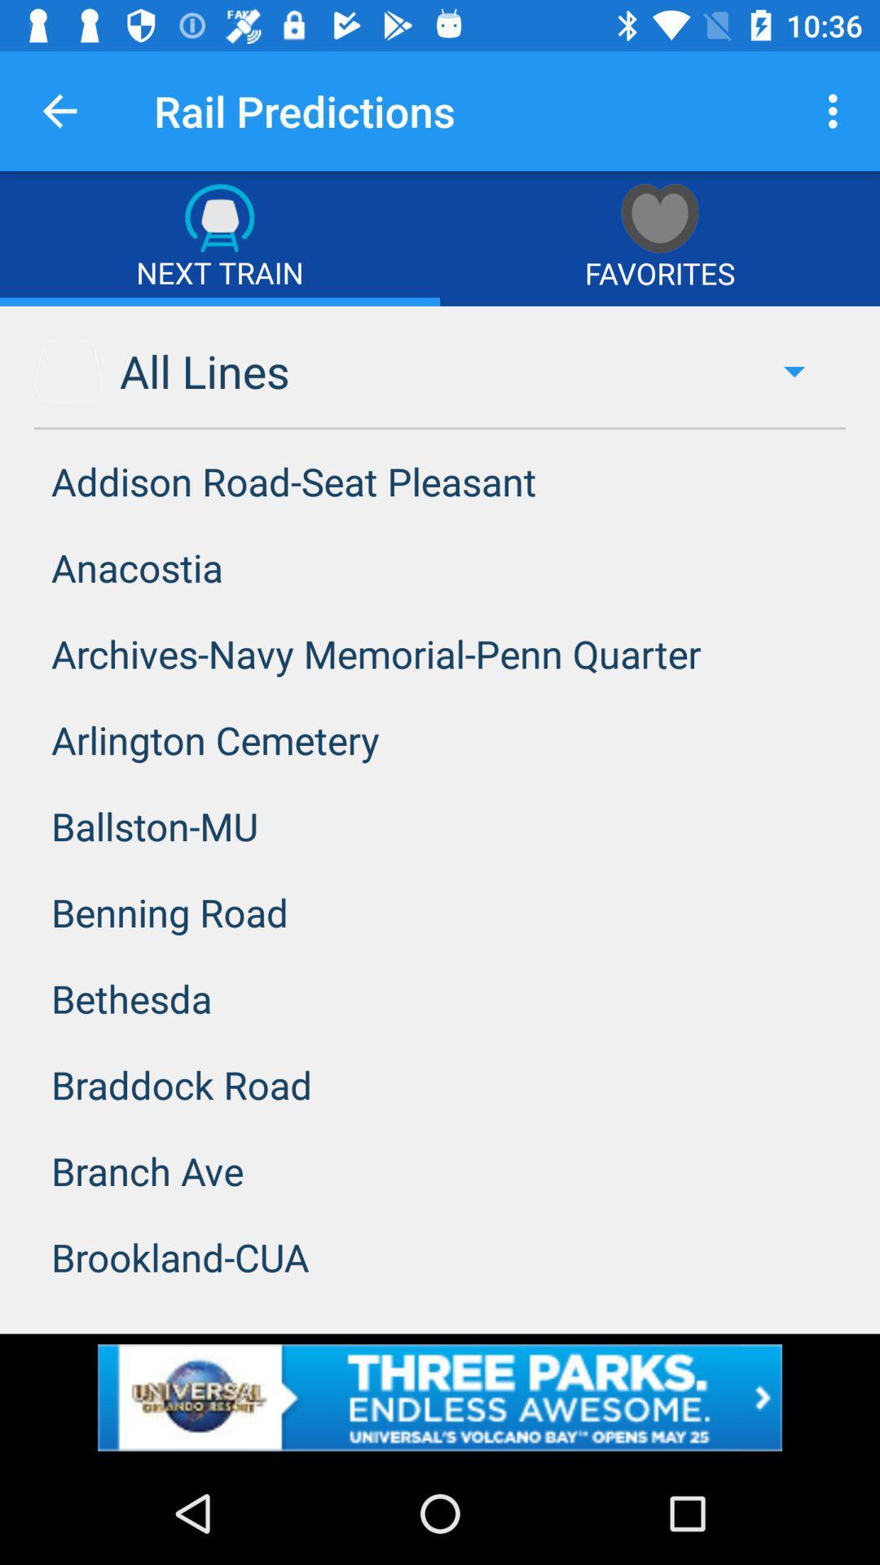 The width and height of the screenshot is (880, 1565). Describe the element at coordinates (440, 653) in the screenshot. I see `archivesnavy memorialpenn quarter` at that location.